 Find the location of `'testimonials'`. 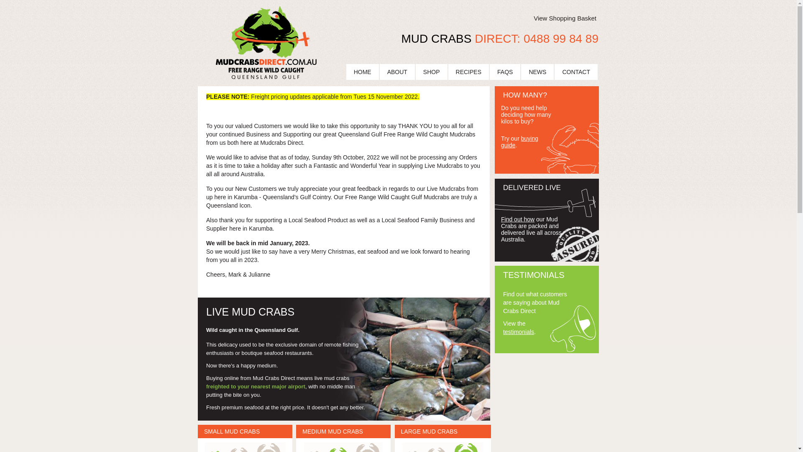

'testimonials' is located at coordinates (518, 331).